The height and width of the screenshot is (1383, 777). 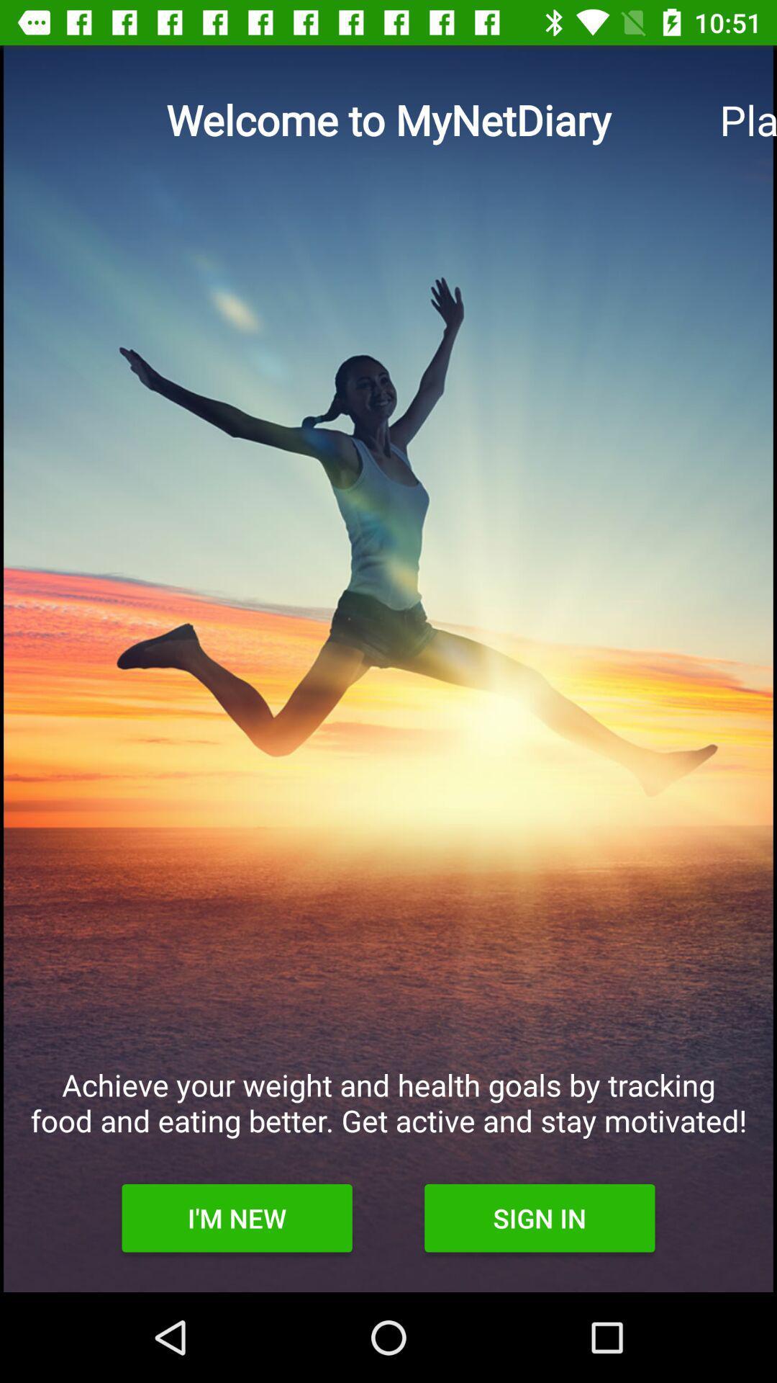 I want to click on the item next to sign in item, so click(x=236, y=1217).